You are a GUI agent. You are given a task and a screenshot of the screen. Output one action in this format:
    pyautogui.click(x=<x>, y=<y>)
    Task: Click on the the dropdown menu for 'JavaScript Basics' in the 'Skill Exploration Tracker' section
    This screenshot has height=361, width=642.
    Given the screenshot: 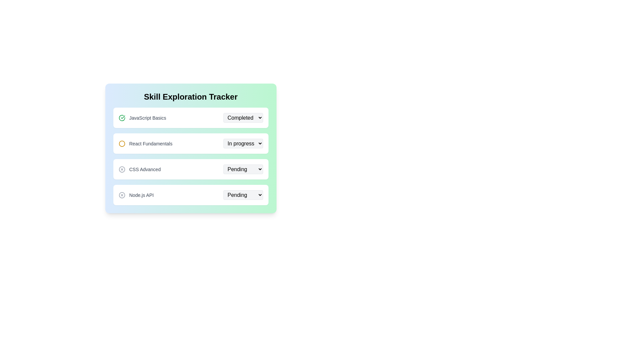 What is the action you would take?
    pyautogui.click(x=242, y=117)
    